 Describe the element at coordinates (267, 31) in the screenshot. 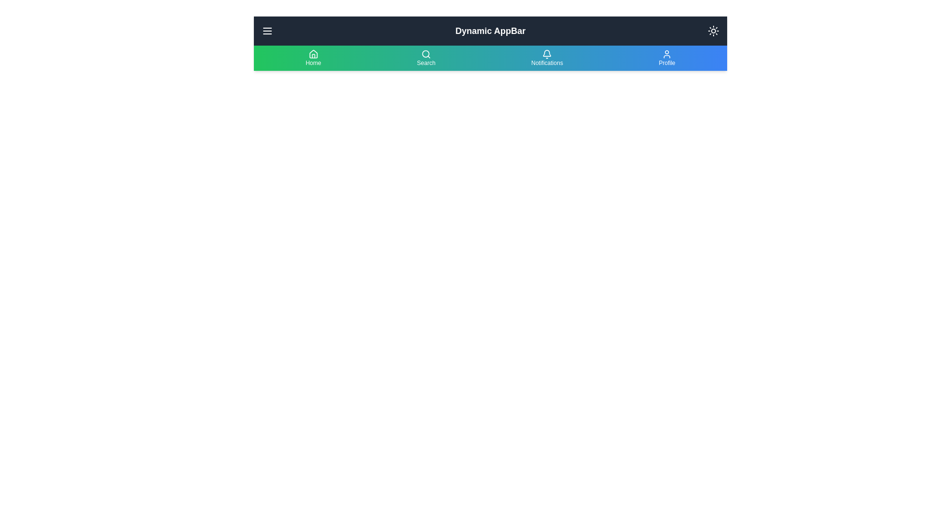

I see `the menu toggle button to toggle the menu visibility` at that location.